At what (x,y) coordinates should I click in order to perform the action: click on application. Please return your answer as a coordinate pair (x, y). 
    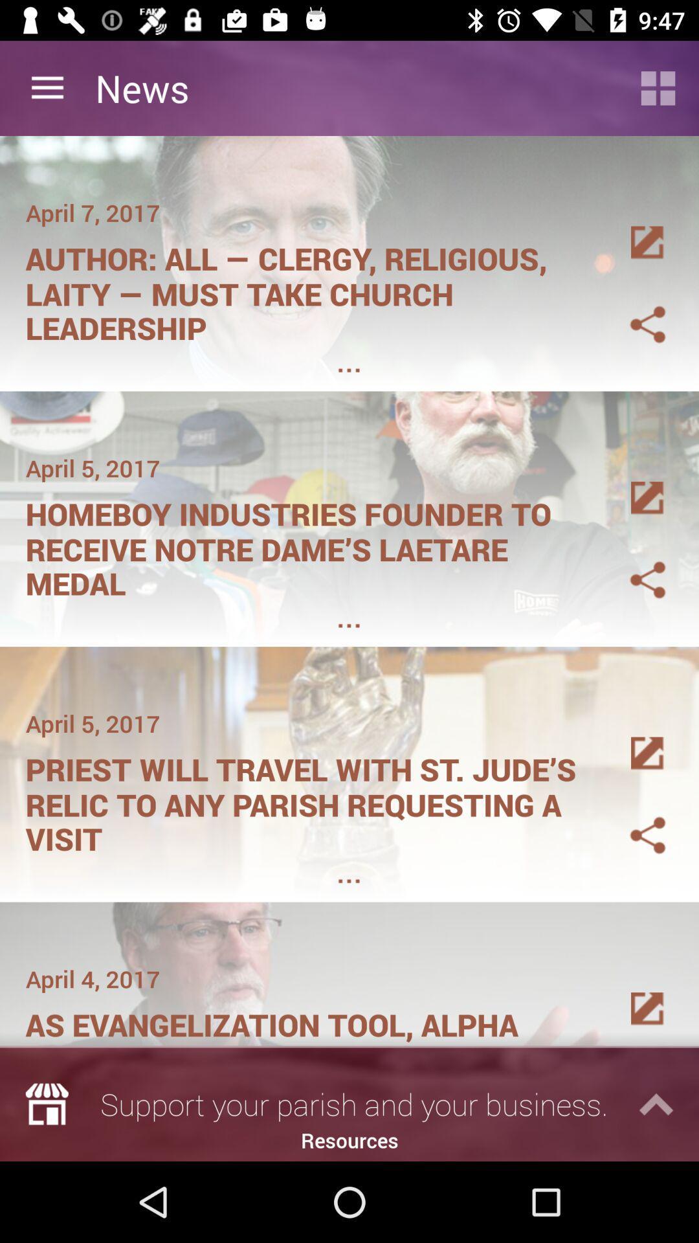
    Looking at the image, I should click on (658, 87).